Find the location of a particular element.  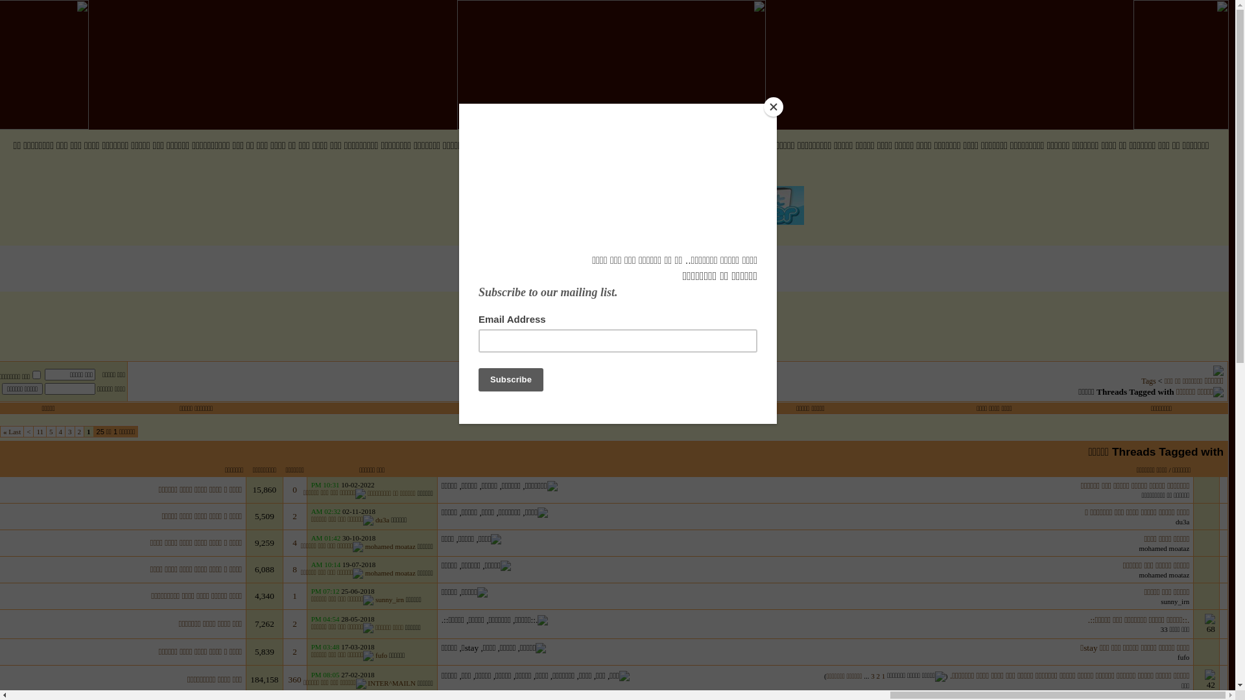

'Tags' is located at coordinates (1141, 380).